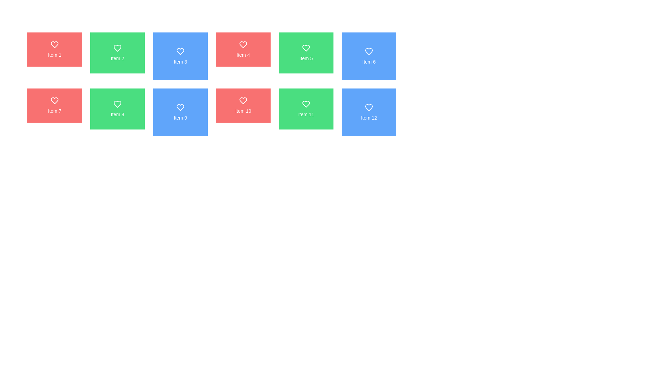 Image resolution: width=656 pixels, height=369 pixels. Describe the element at coordinates (306, 109) in the screenshot. I see `the eleventh grid item, which contains an icon and a label for identification` at that location.